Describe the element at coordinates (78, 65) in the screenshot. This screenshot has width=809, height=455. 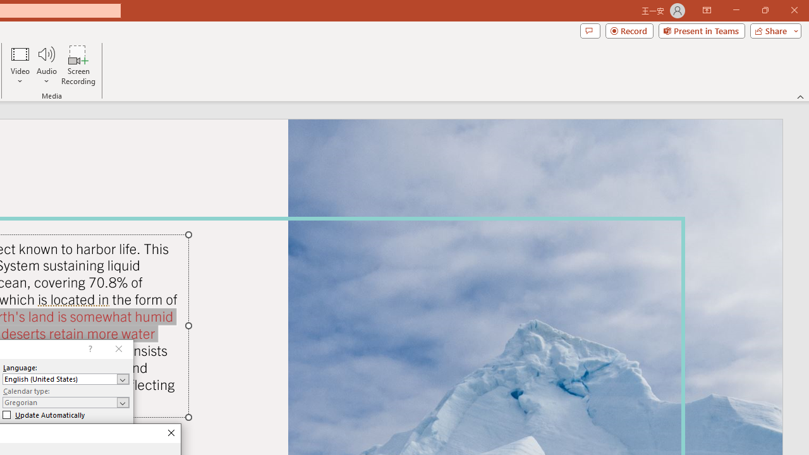
I see `'Screen Recording...'` at that location.